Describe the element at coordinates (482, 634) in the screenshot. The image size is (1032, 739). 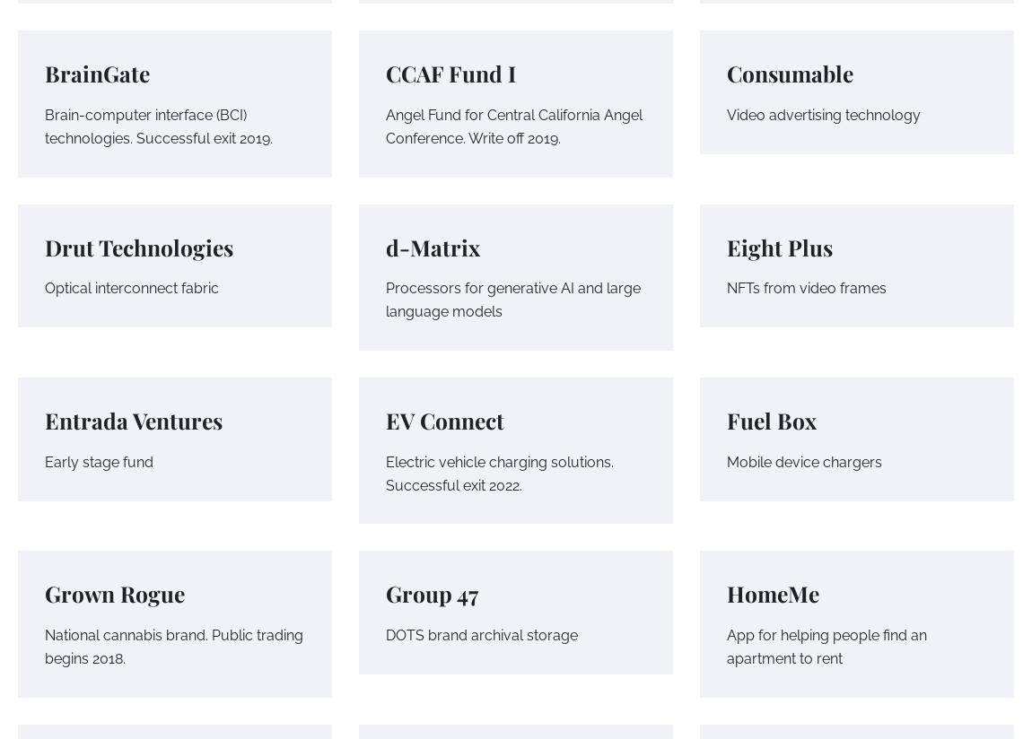
I see `'DOTS brand archival storage'` at that location.